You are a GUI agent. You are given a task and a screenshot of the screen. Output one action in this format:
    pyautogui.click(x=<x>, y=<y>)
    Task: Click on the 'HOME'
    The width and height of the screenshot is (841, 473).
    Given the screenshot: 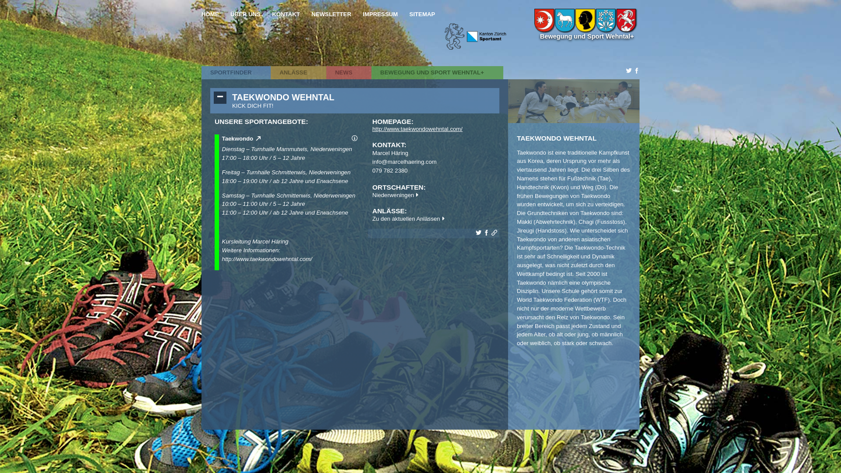 What is the action you would take?
    pyautogui.click(x=210, y=14)
    